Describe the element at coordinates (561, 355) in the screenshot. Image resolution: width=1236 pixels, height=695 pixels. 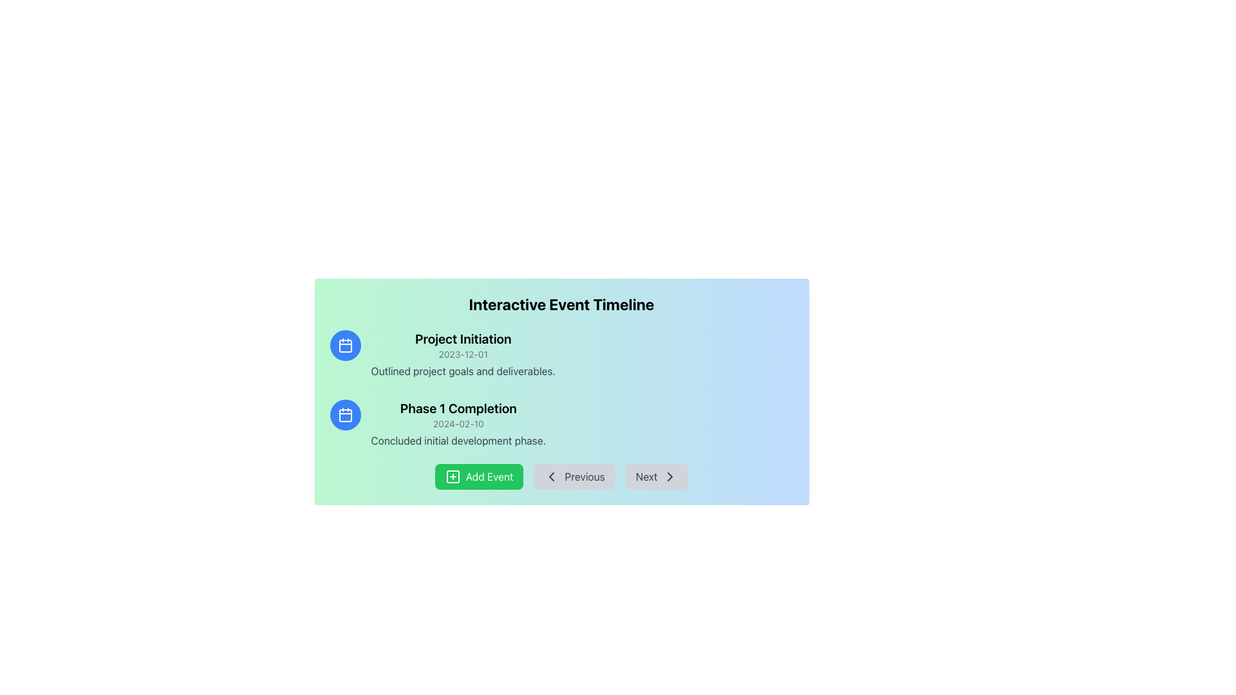
I see `the first Informational Card in the Interactive Event Timeline` at that location.